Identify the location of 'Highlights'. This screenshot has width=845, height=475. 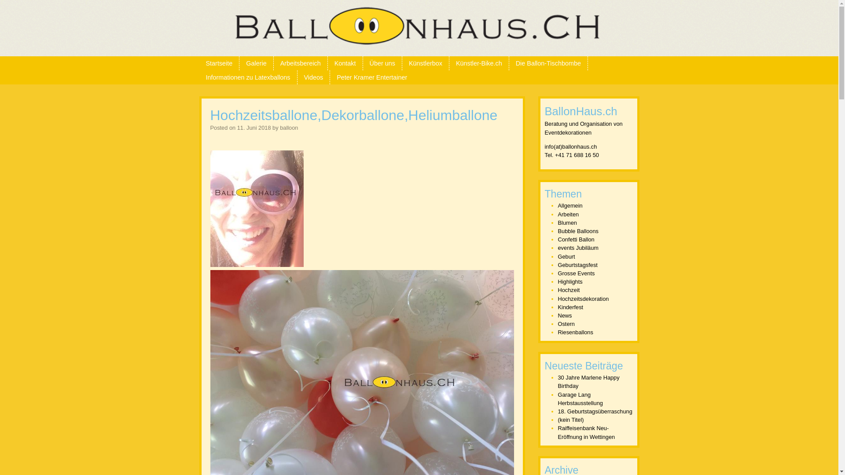
(570, 281).